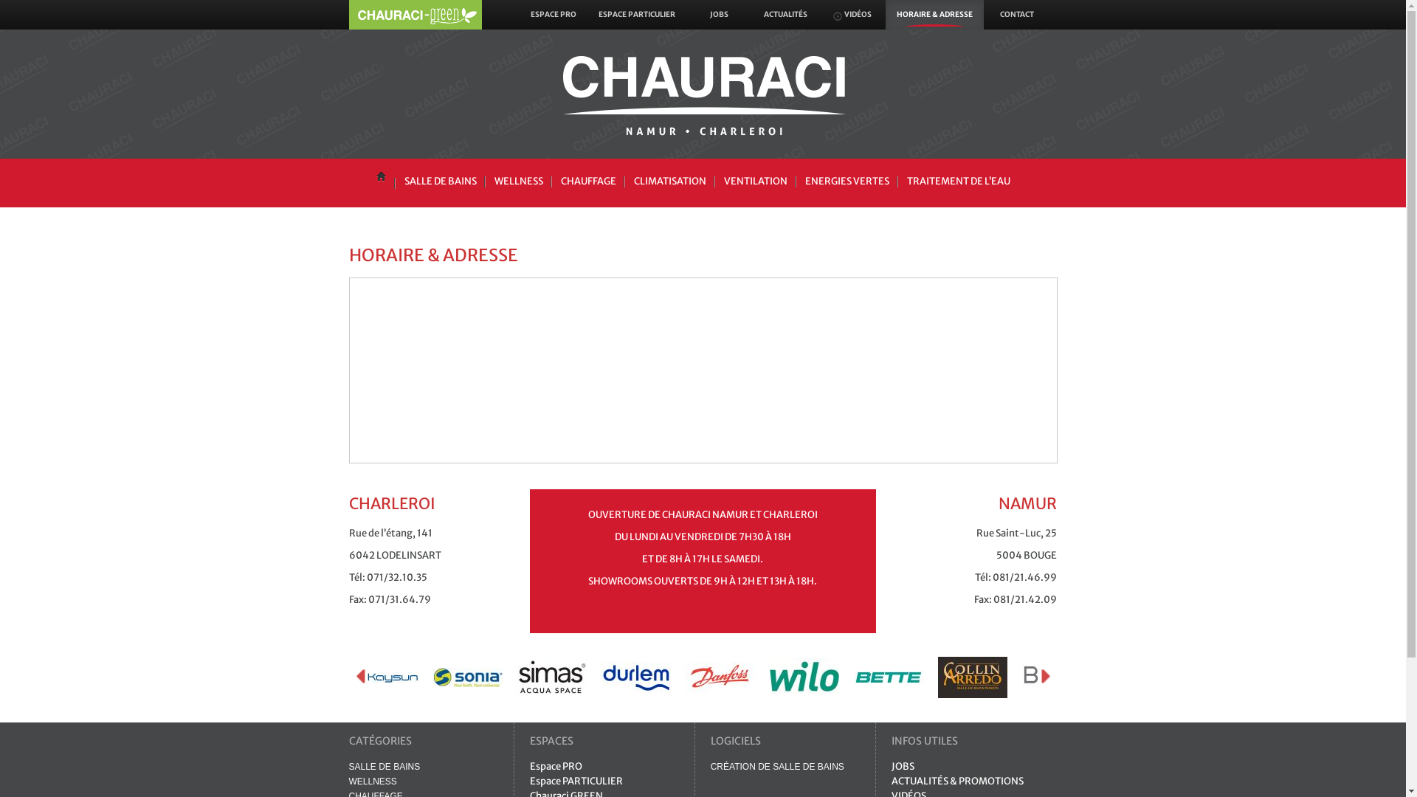 Image resolution: width=1417 pixels, height=797 pixels. What do you see at coordinates (1016, 14) in the screenshot?
I see `'CONTACT'` at bounding box center [1016, 14].